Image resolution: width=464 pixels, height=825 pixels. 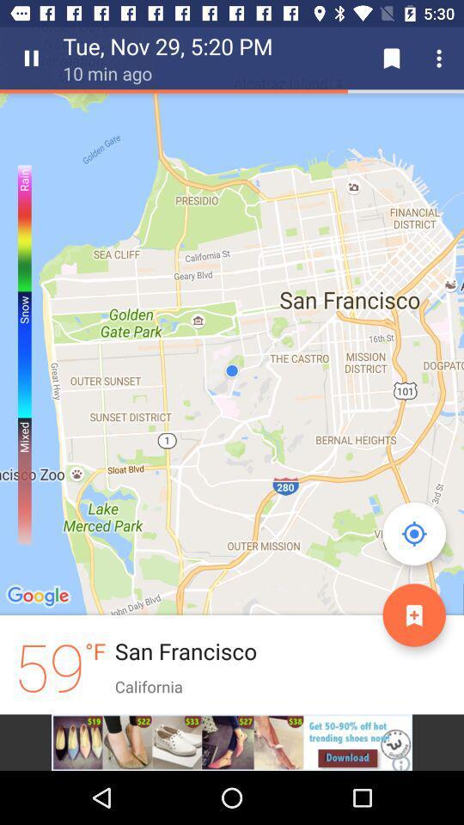 I want to click on the location_crosshair icon, so click(x=413, y=533).